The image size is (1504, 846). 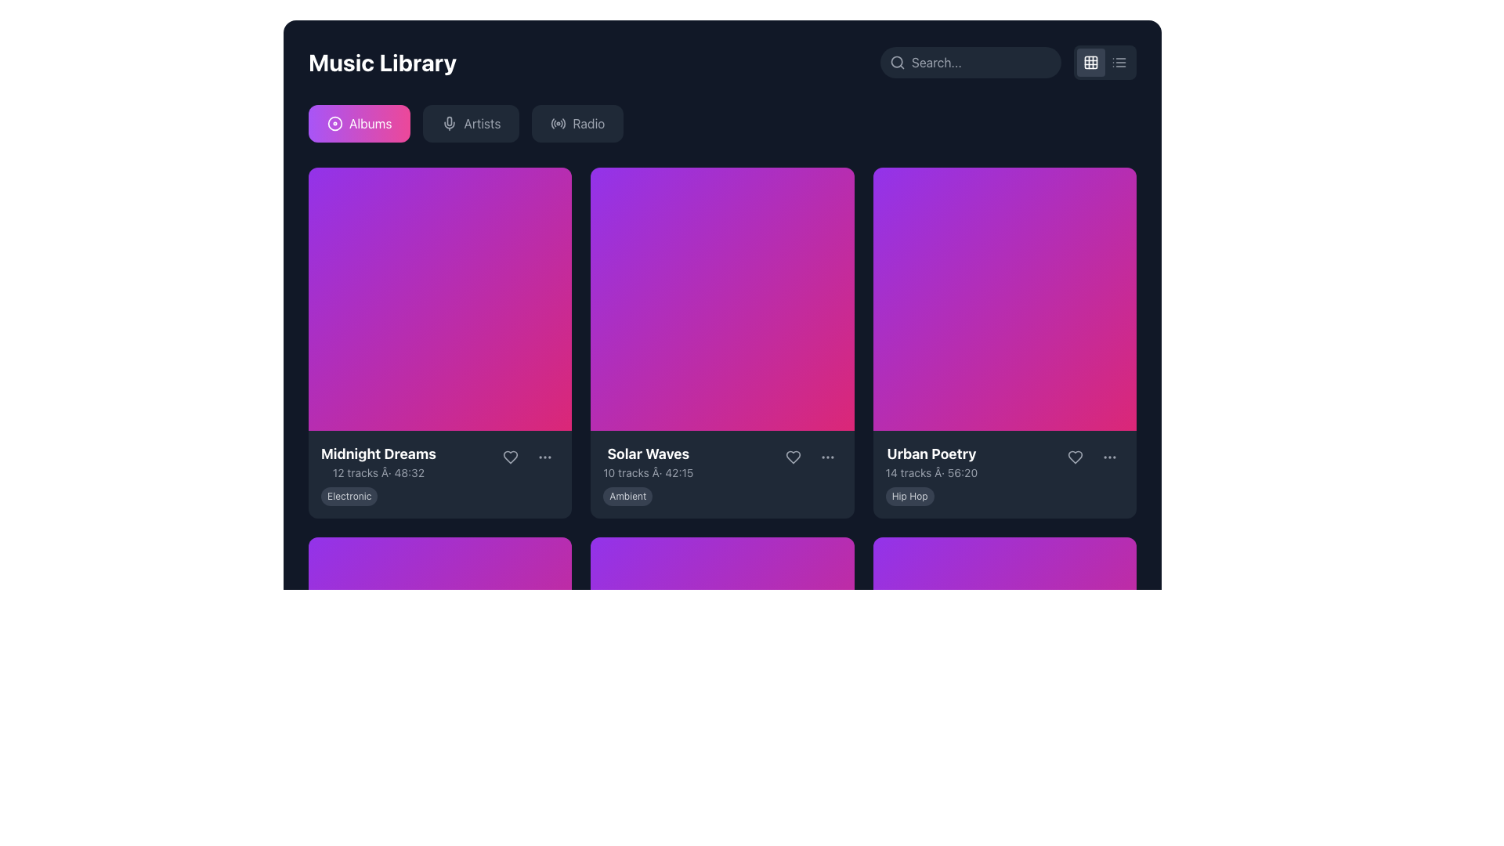 What do you see at coordinates (793, 457) in the screenshot?
I see `the heart-shaped icon located at the bottom right corner of the 'Solar Waves' music album card` at bounding box center [793, 457].